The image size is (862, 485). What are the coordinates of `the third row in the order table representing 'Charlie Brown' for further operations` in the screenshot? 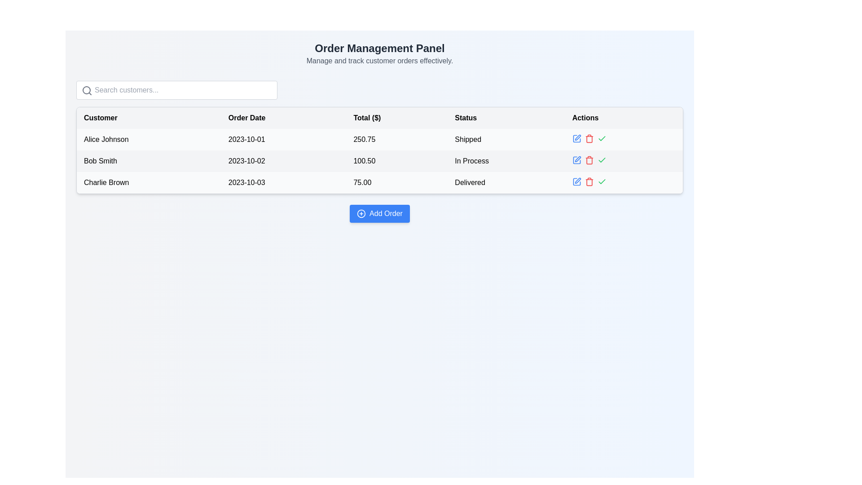 It's located at (379, 182).